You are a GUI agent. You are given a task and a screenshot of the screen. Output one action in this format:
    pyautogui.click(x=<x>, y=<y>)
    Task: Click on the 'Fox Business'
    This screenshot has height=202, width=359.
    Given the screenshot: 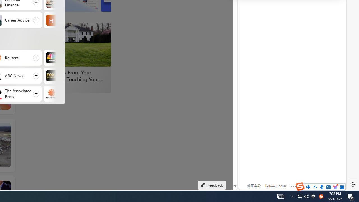 What is the action you would take?
    pyautogui.click(x=51, y=76)
    